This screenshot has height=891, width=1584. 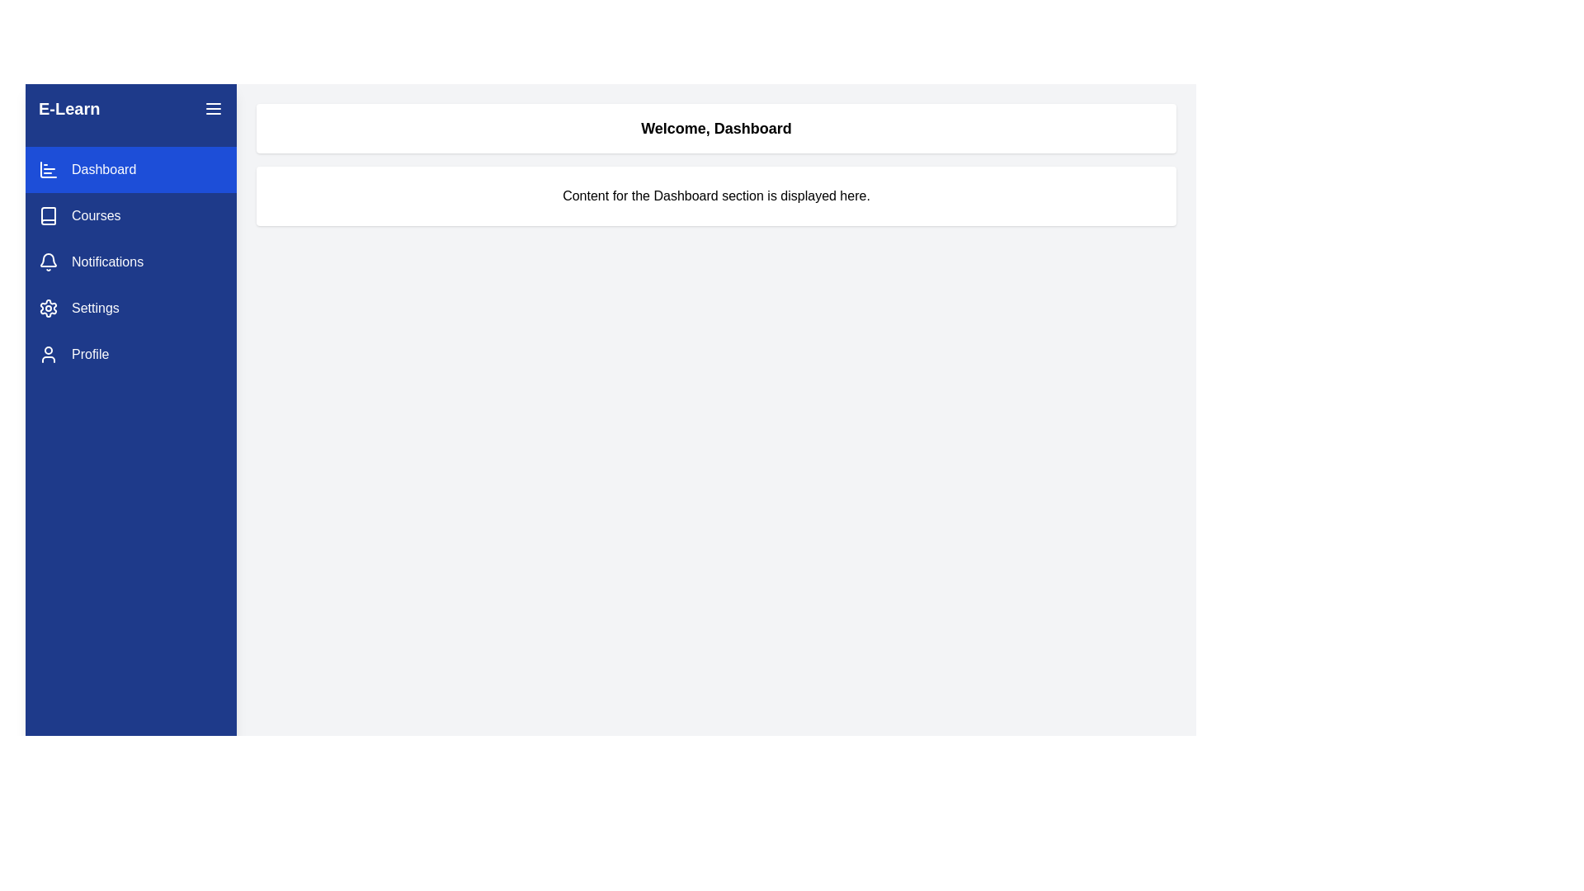 I want to click on the settings icon located in the sidebar navigation menu, positioned below the 'Notifications' option and above the 'Profile' option for accessibility navigation, so click(x=48, y=309).